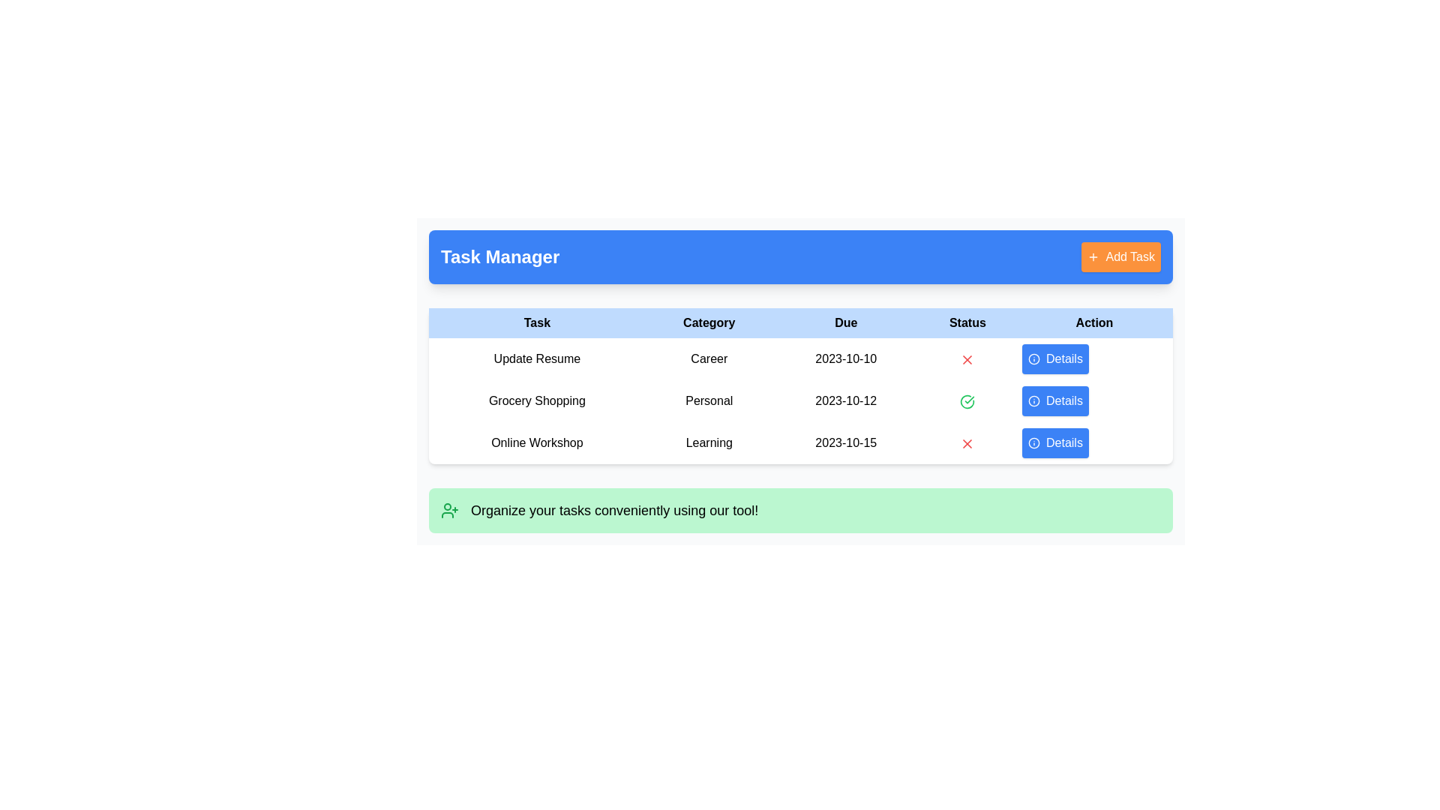 The image size is (1440, 810). What do you see at coordinates (967, 400) in the screenshot?
I see `the non-interactive status indicator located in the fourth column of the 'Grocery Shopping' task row, positioned to the right of the due date '2023-10-12'` at bounding box center [967, 400].